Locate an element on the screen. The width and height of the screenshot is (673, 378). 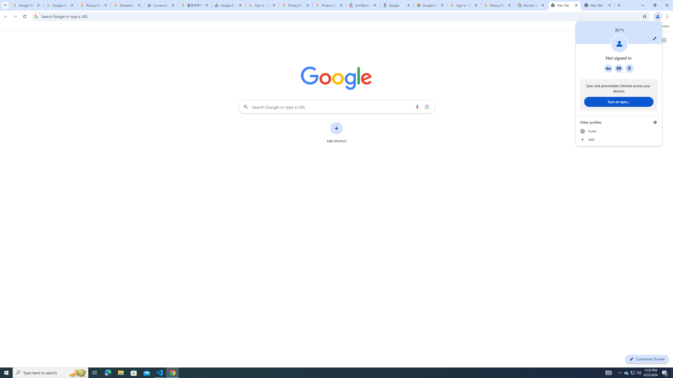
'Notification Chevron' is located at coordinates (620, 372).